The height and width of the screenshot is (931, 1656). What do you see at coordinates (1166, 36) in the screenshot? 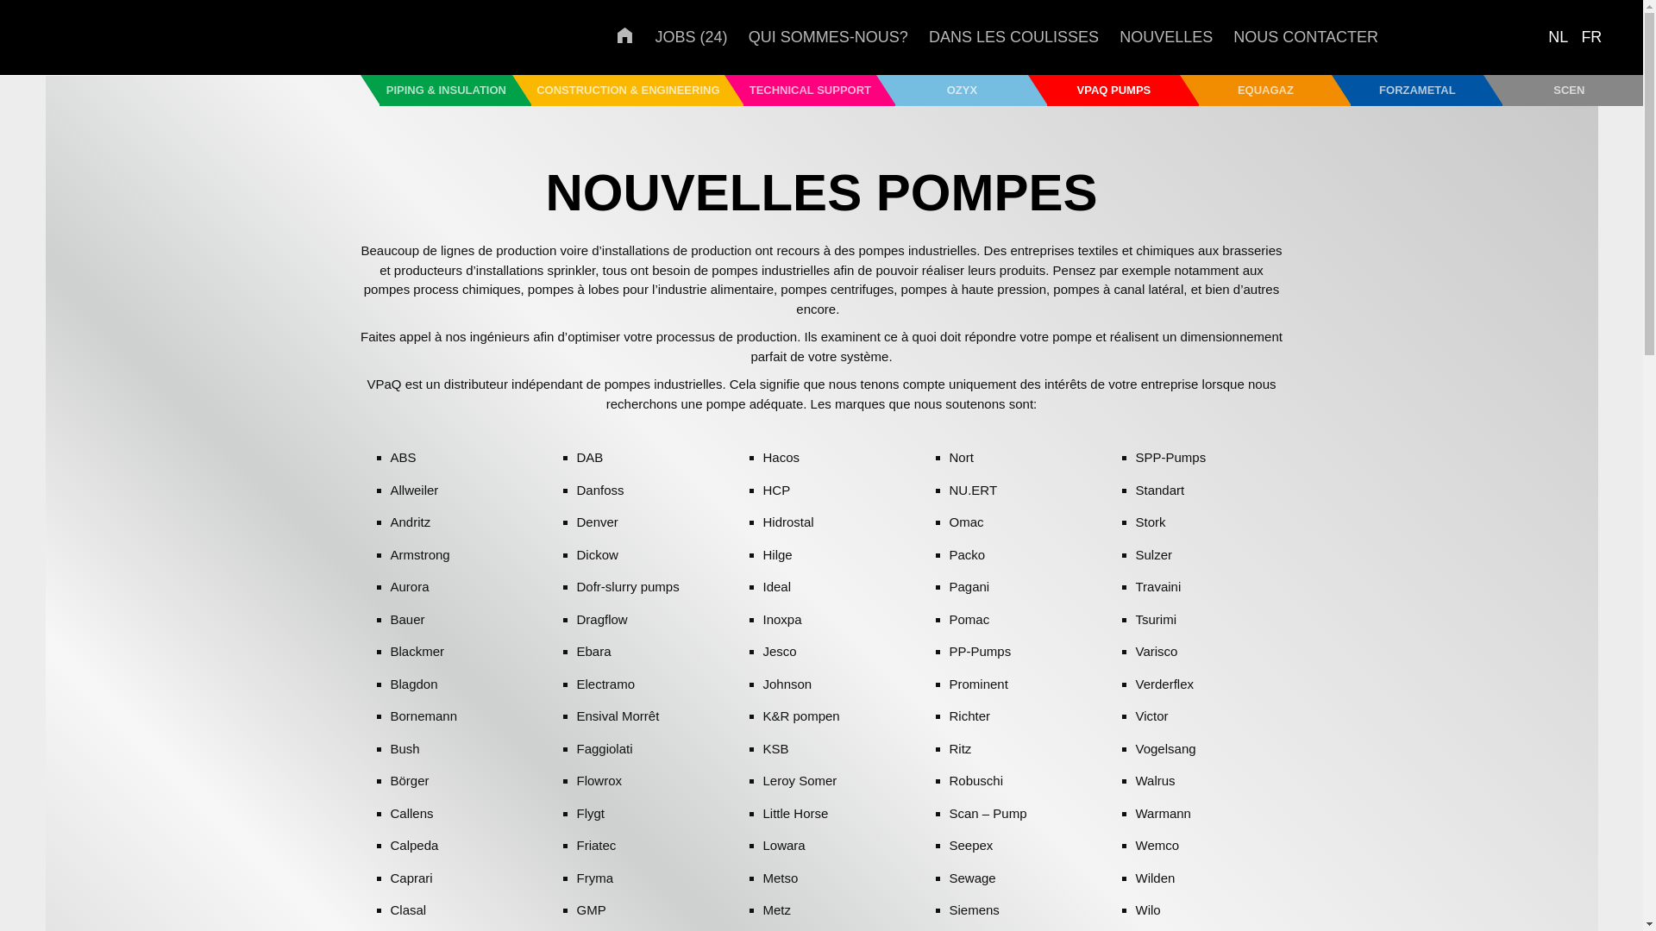
I see `'NOUVELLES'` at bounding box center [1166, 36].